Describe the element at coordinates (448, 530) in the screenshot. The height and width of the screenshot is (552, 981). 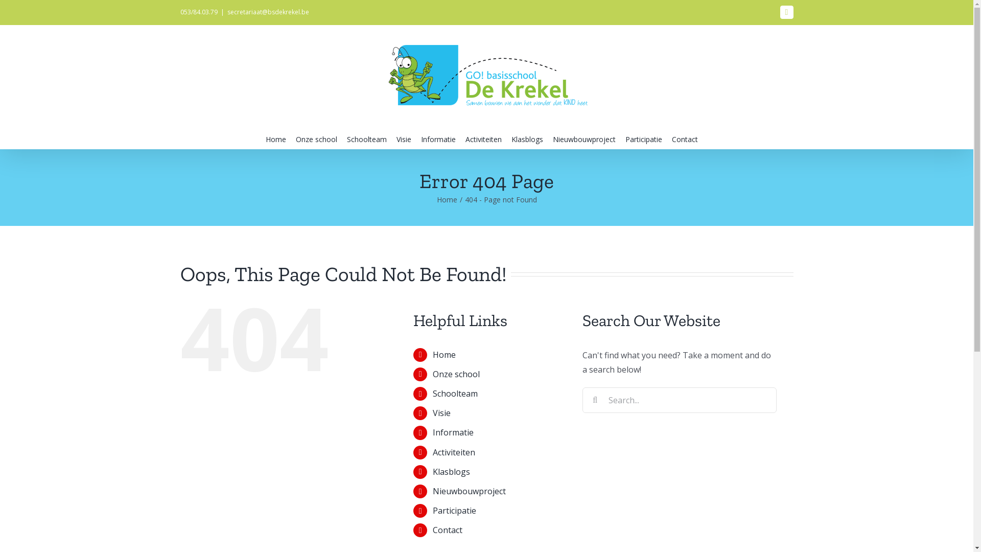
I see `'Contact'` at that location.